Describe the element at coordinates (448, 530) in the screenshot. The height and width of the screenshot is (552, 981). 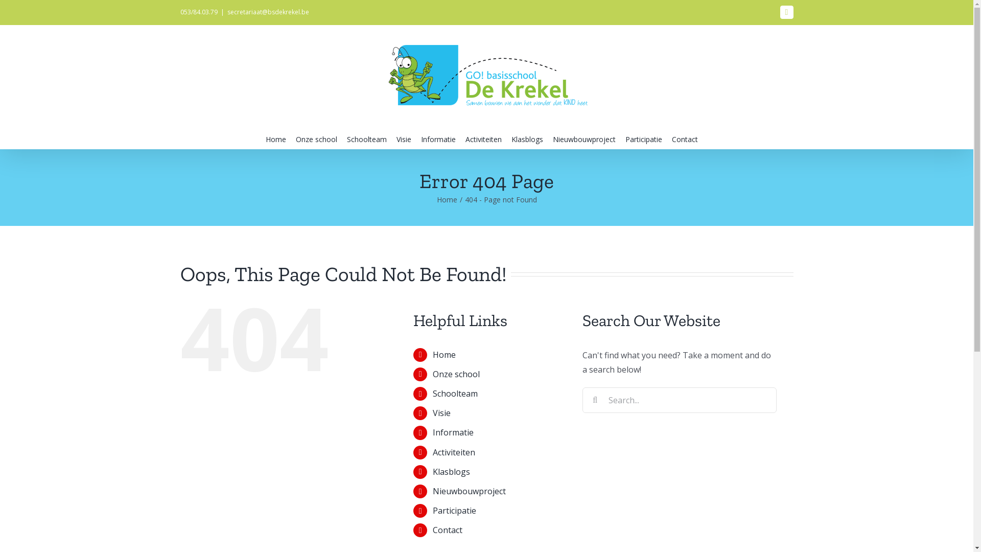
I see `'Contact'` at that location.